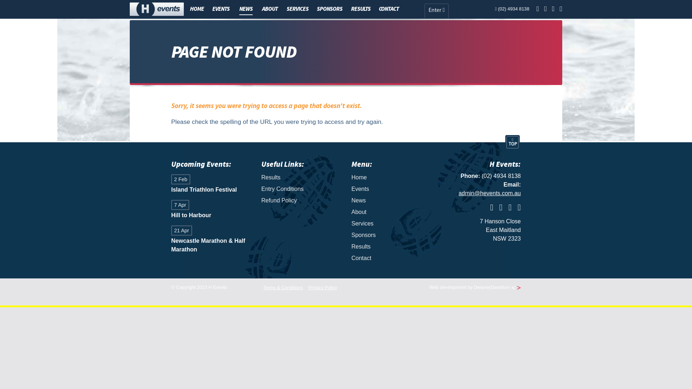 Image resolution: width=692 pixels, height=389 pixels. I want to click on 'SERVICES', so click(297, 9).